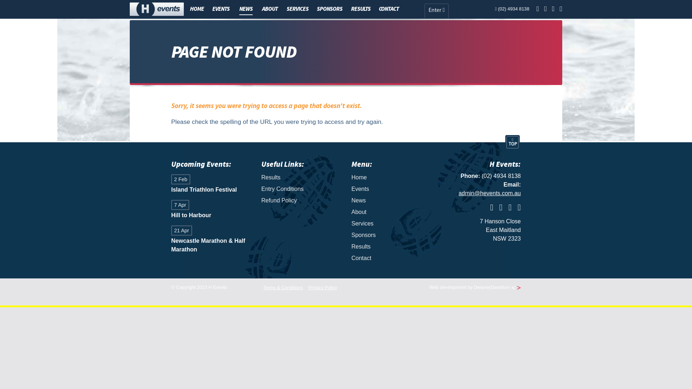 Image resolution: width=692 pixels, height=389 pixels. I want to click on 'SERVICES', so click(297, 9).